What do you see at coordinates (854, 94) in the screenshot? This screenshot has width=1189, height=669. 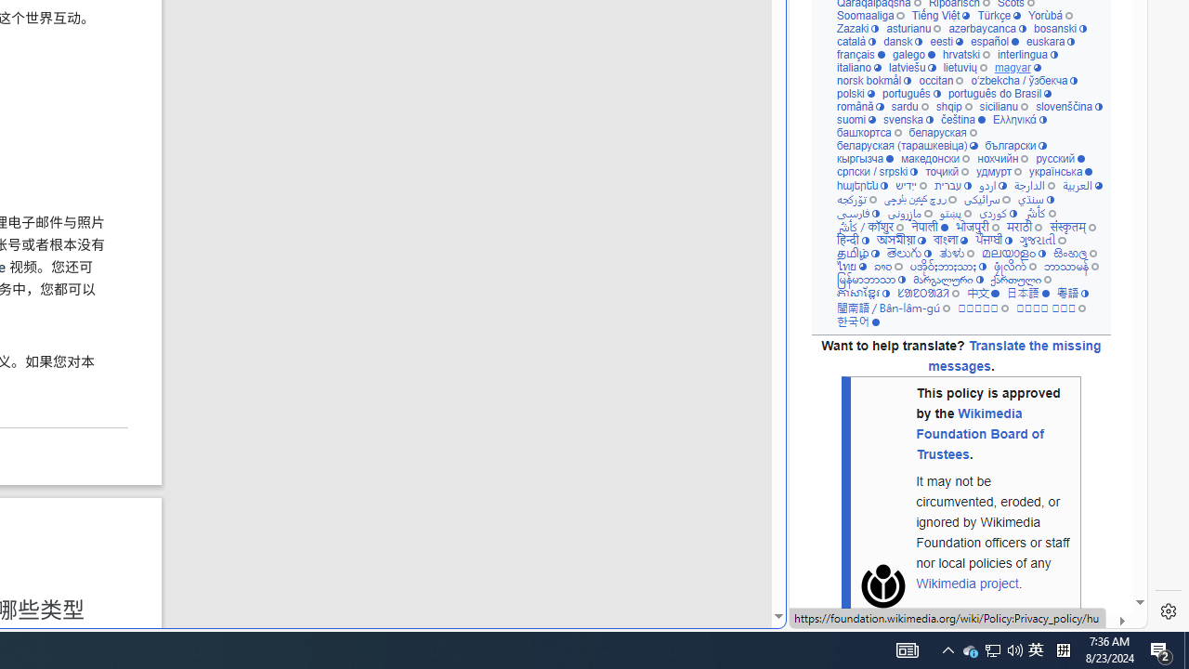 I see `'polski'` at bounding box center [854, 94].